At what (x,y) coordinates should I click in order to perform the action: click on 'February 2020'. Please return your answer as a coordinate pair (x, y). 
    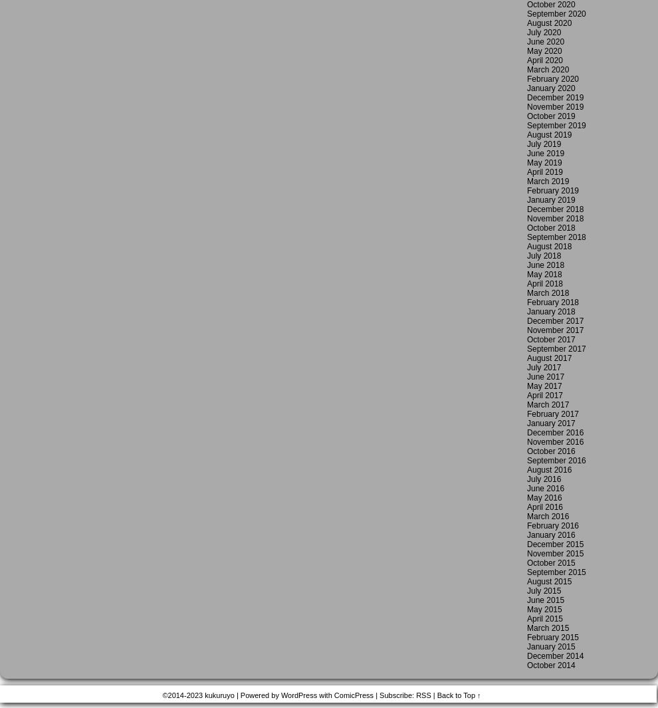
    Looking at the image, I should click on (552, 78).